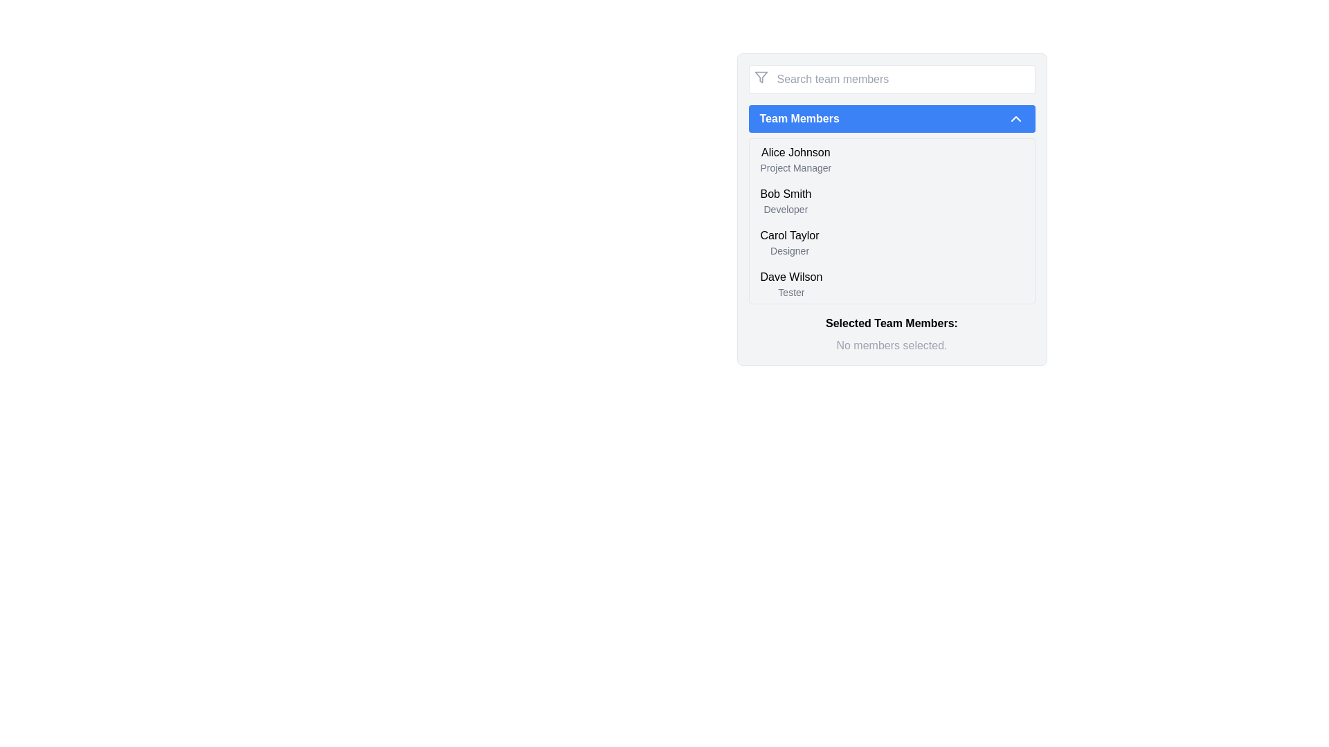 The width and height of the screenshot is (1329, 747). Describe the element at coordinates (790, 242) in the screenshot. I see `the text display element showing 'Carol Taylor' and 'Designer', which is the third entry under the 'Team Members' heading` at that location.